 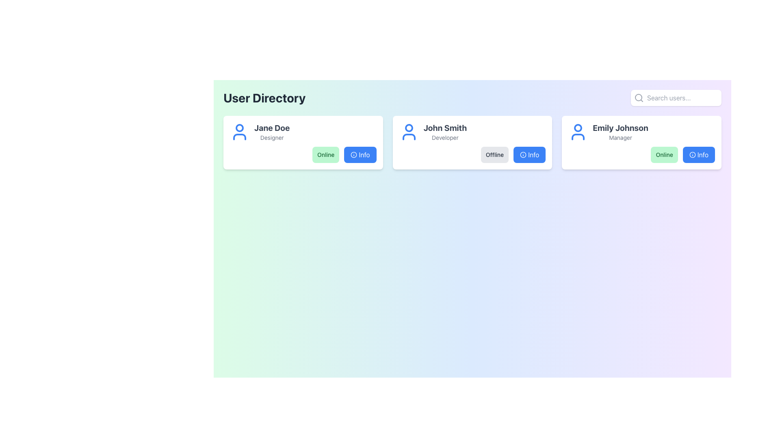 I want to click on the rectangular button with rounded corners and a bright blue background labeled 'Info' located in the bottom-right corner of Jane Doe's card in the User Directory to observe its hover behavior, so click(x=360, y=155).